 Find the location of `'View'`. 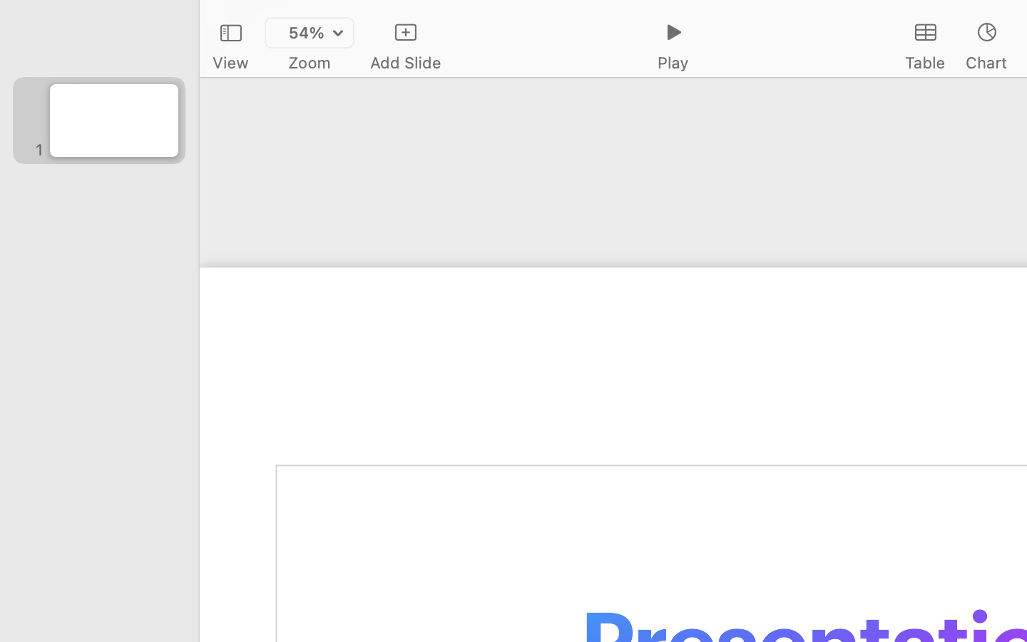

'View' is located at coordinates (230, 62).